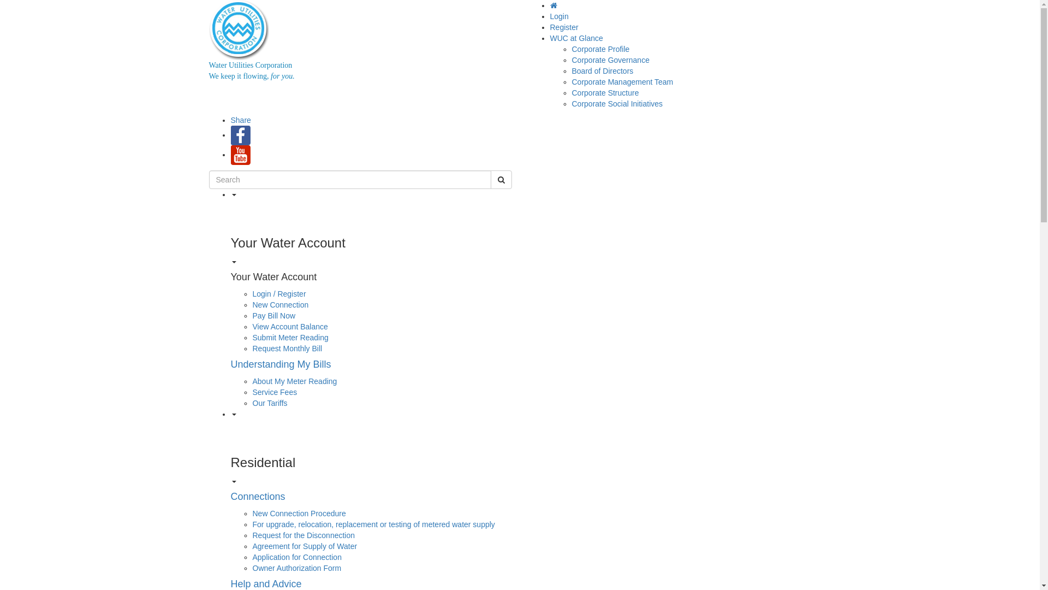 This screenshot has height=590, width=1048. What do you see at coordinates (278, 293) in the screenshot?
I see `'Login / Register'` at bounding box center [278, 293].